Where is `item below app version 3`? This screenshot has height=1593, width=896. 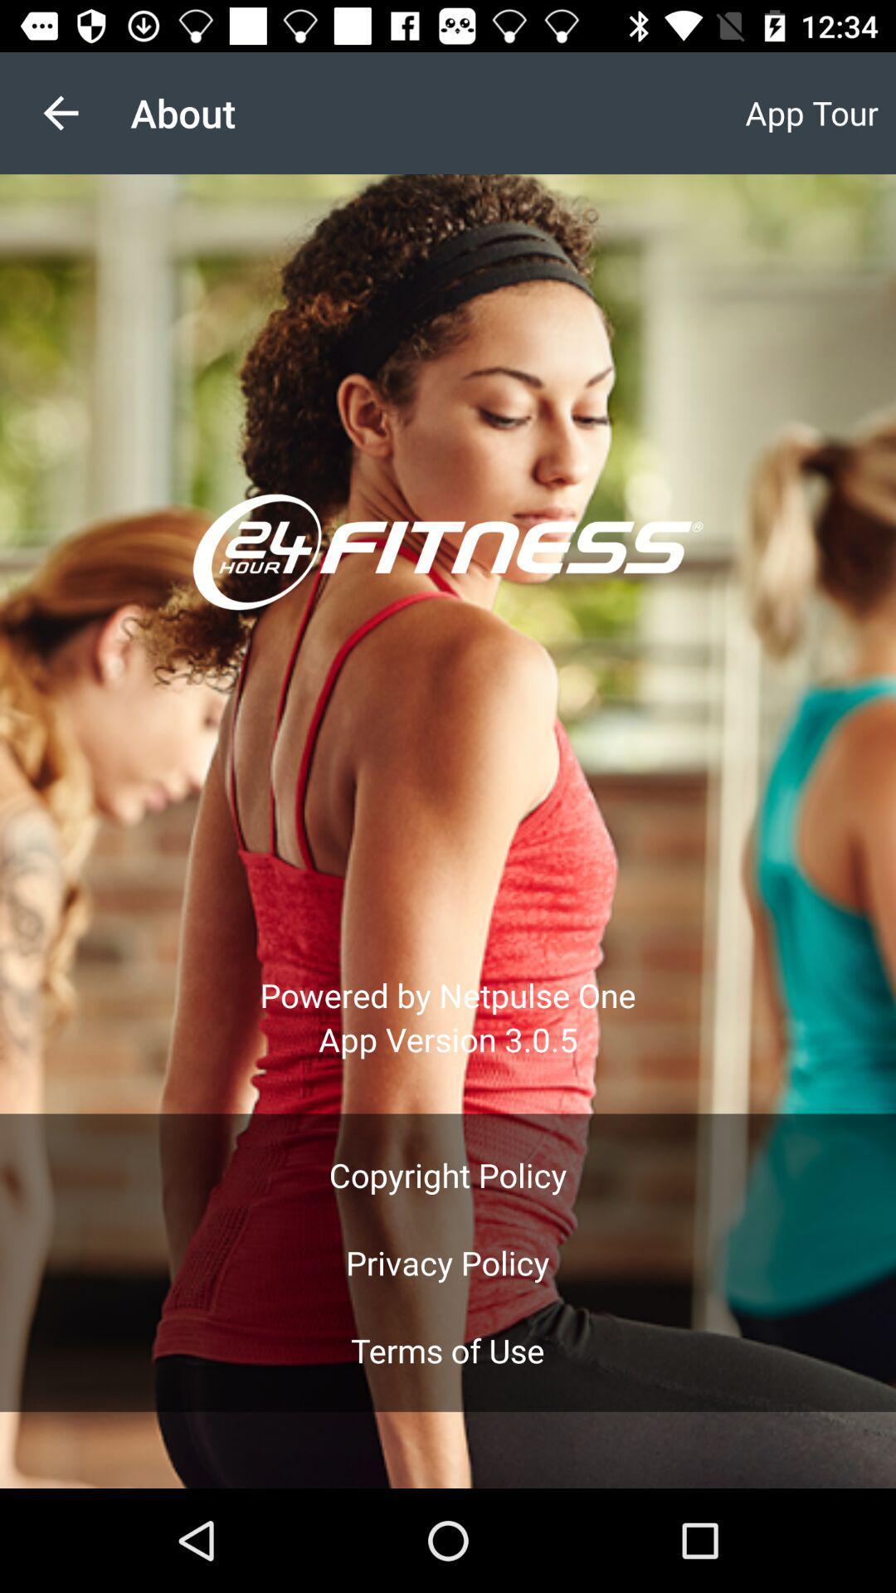 item below app version 3 is located at coordinates (448, 1174).